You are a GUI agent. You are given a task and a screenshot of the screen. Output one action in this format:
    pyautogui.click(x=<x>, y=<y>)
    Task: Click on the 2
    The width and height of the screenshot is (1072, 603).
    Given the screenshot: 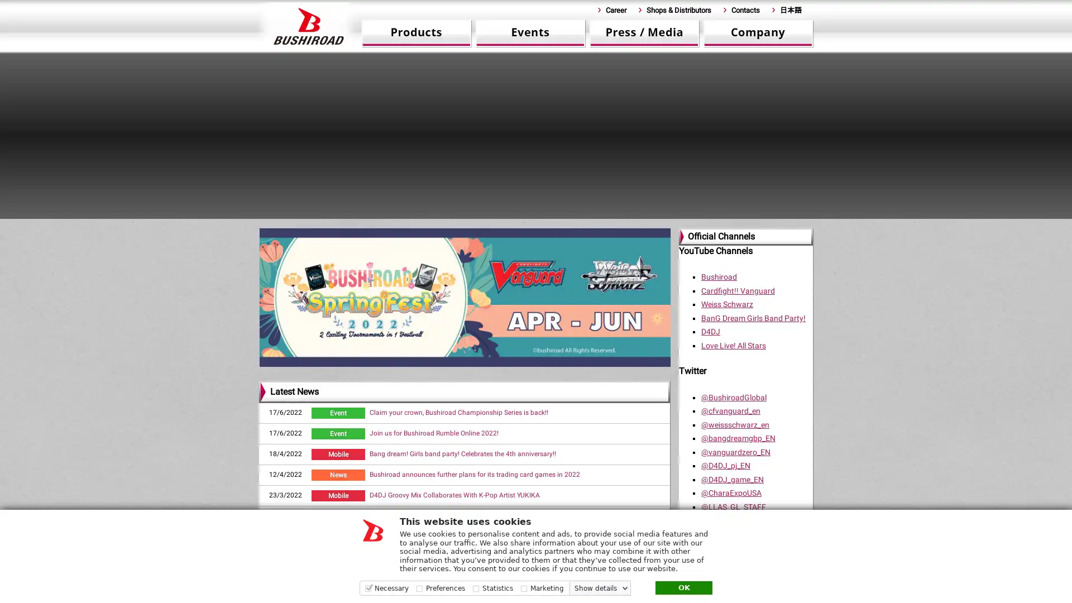 What is the action you would take?
    pyautogui.click(x=426, y=214)
    